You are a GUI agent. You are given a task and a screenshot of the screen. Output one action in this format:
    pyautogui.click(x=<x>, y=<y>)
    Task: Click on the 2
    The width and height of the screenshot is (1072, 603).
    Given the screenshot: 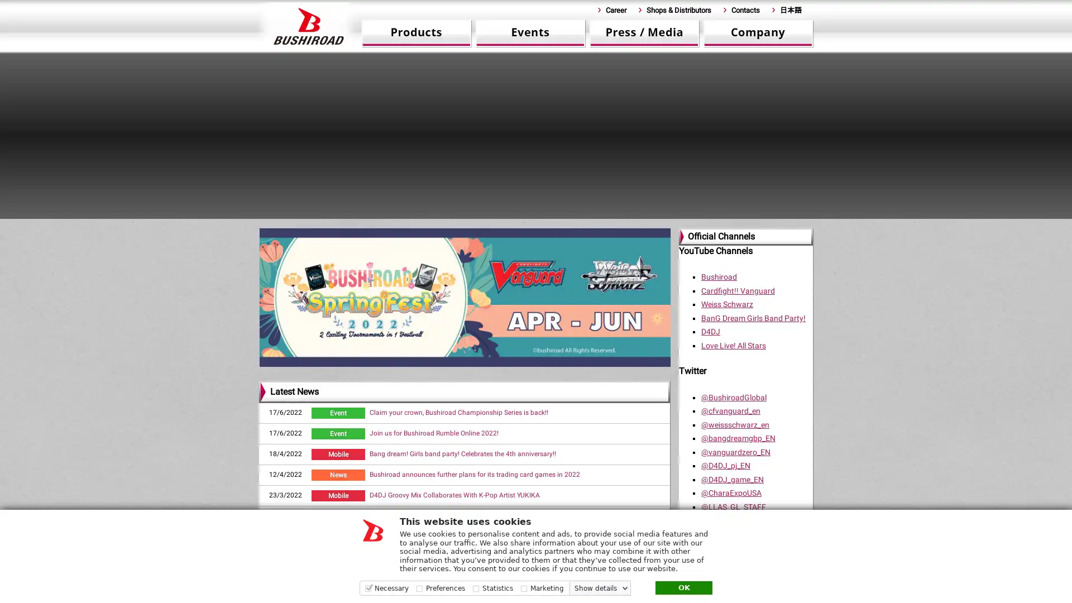 What is the action you would take?
    pyautogui.click(x=426, y=214)
    